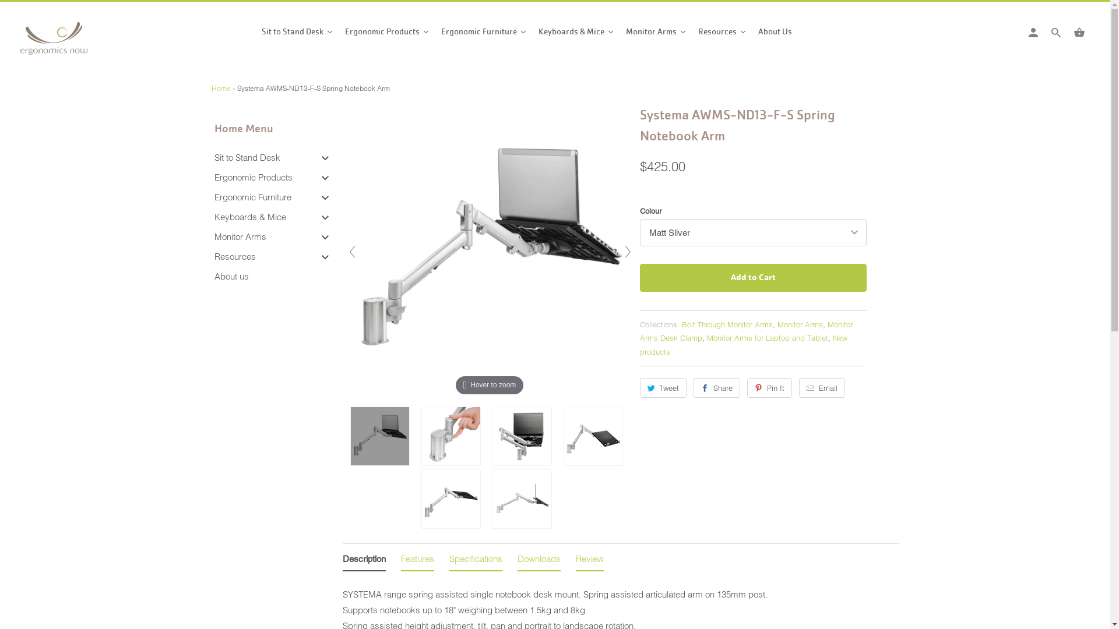 The height and width of the screenshot is (629, 1119). What do you see at coordinates (821, 388) in the screenshot?
I see `'Email'` at bounding box center [821, 388].